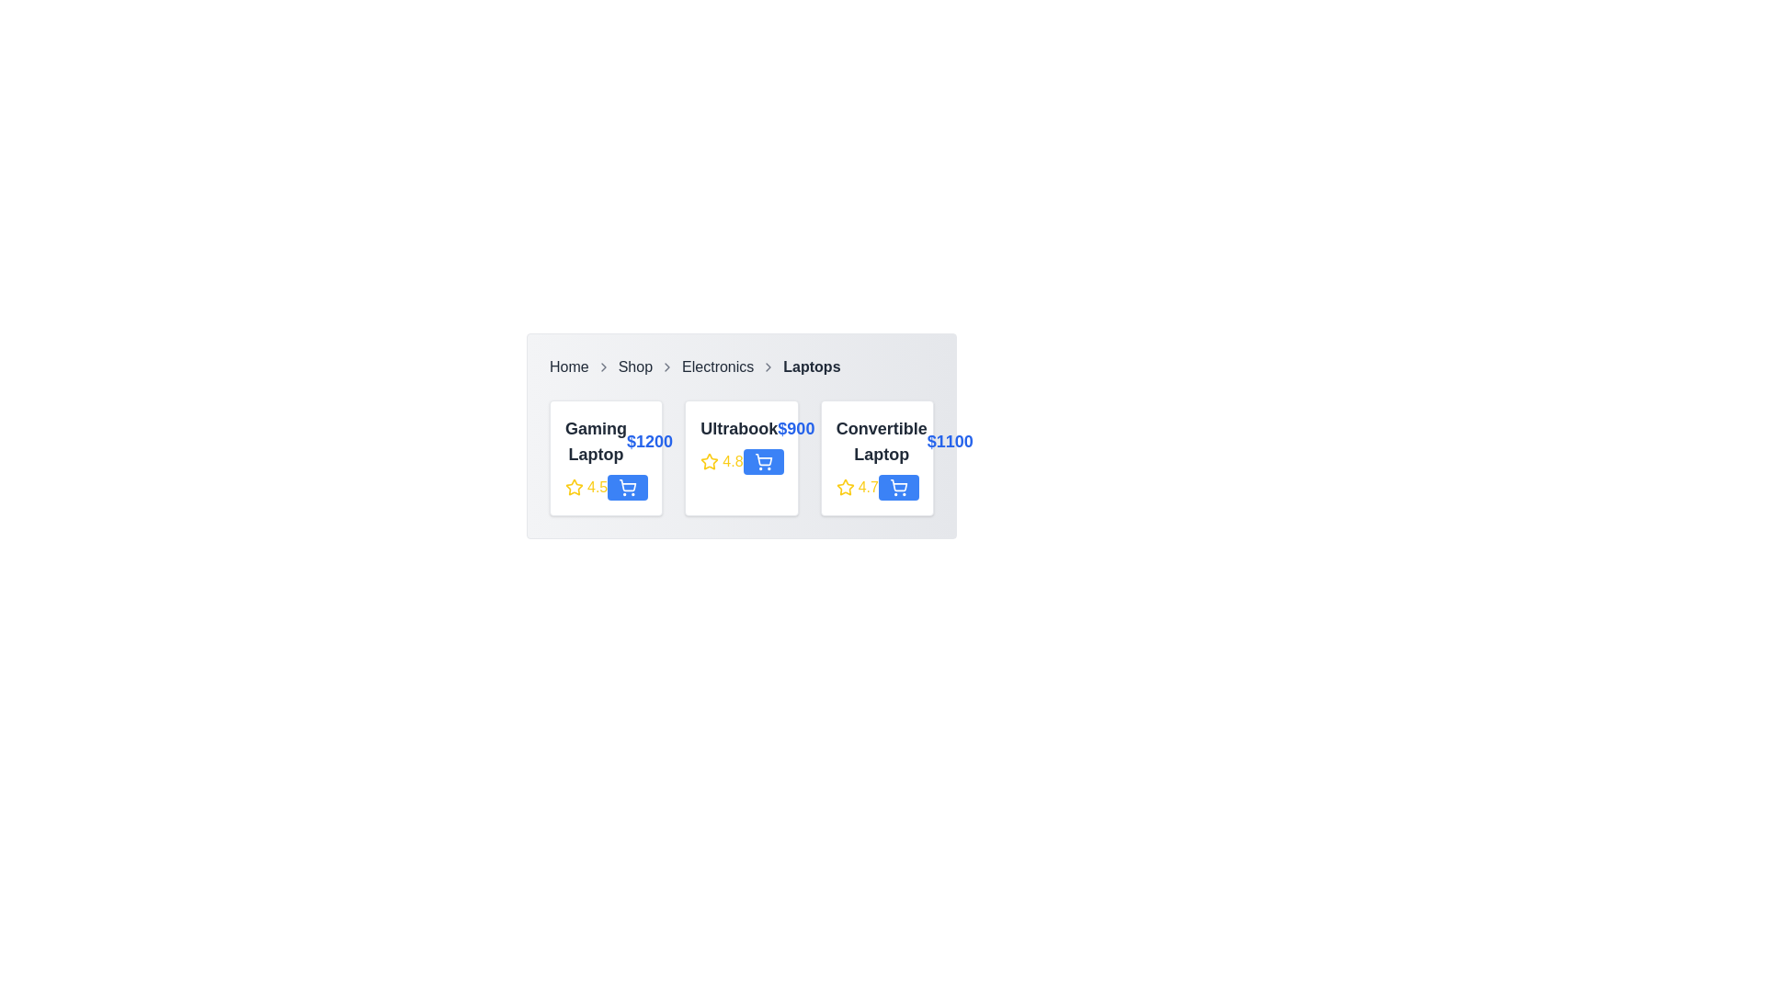 Image resolution: width=1765 pixels, height=992 pixels. I want to click on the Text label displaying 'Convertible Laptop', which is a bolded heading located in the center of the third card above the price information, so click(881, 442).